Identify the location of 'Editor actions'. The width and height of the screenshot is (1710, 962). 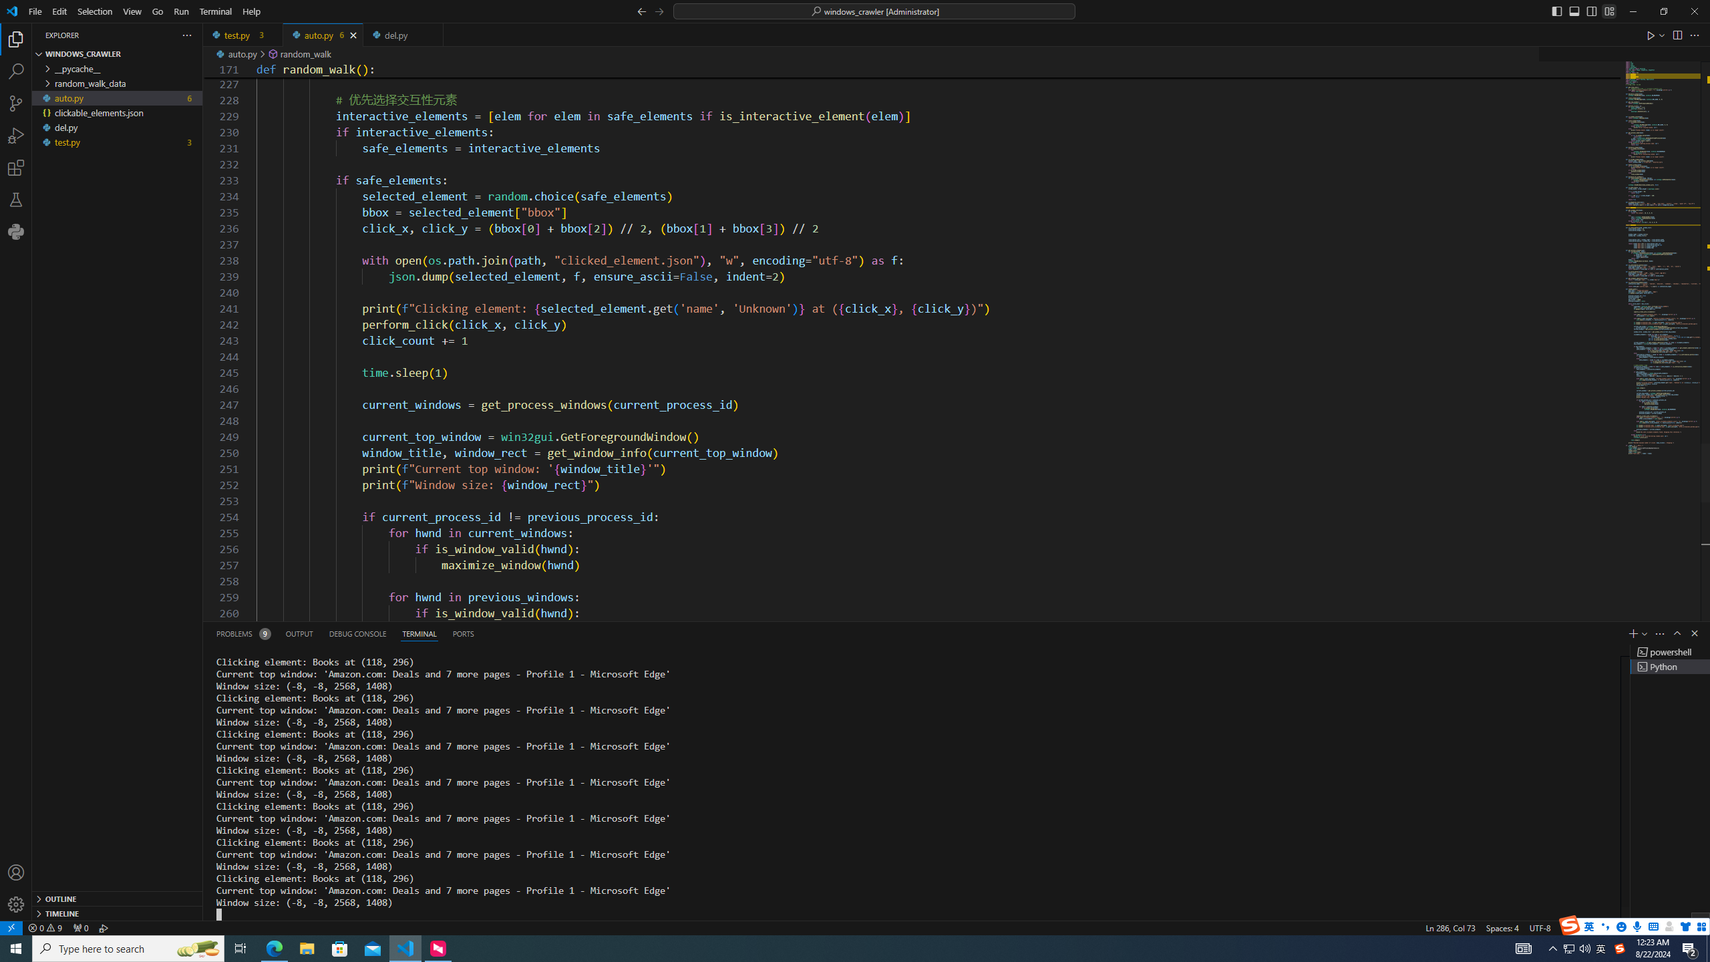
(1674, 34).